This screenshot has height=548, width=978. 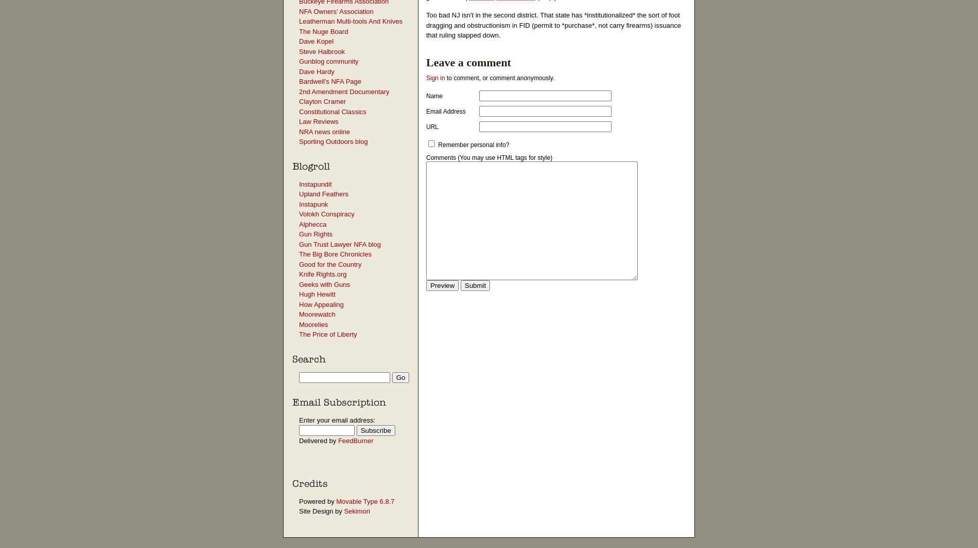 What do you see at coordinates (433, 95) in the screenshot?
I see `'Name'` at bounding box center [433, 95].